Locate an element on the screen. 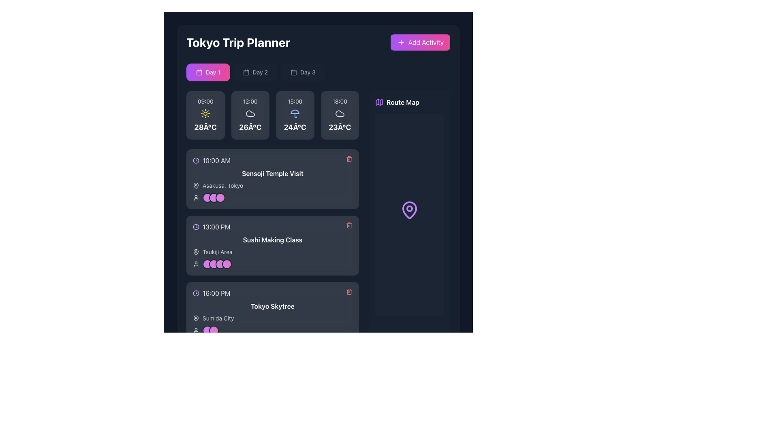 The height and width of the screenshot is (437, 778). the main rectangular icon of the calendar symbol located at the top of the 'Tokyo Trip Planner' interface, below the text 'Day 1' is located at coordinates (293, 72).